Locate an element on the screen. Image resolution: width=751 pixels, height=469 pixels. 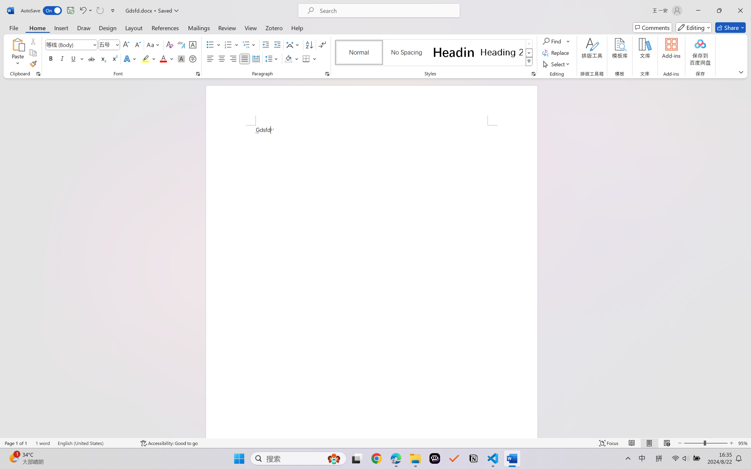
'Styles...' is located at coordinates (533, 74).